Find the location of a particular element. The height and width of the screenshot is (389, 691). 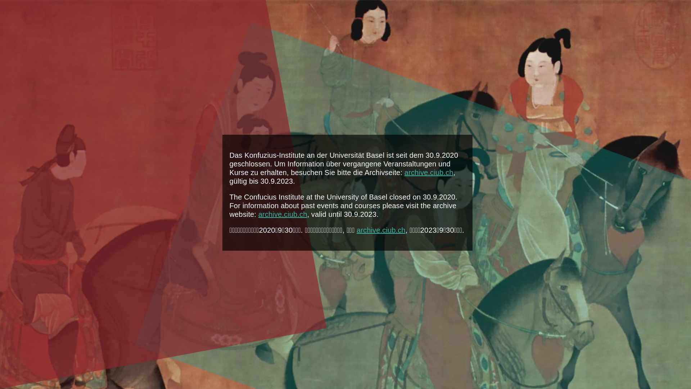

'archive.ciub.ch' is located at coordinates (429, 172).